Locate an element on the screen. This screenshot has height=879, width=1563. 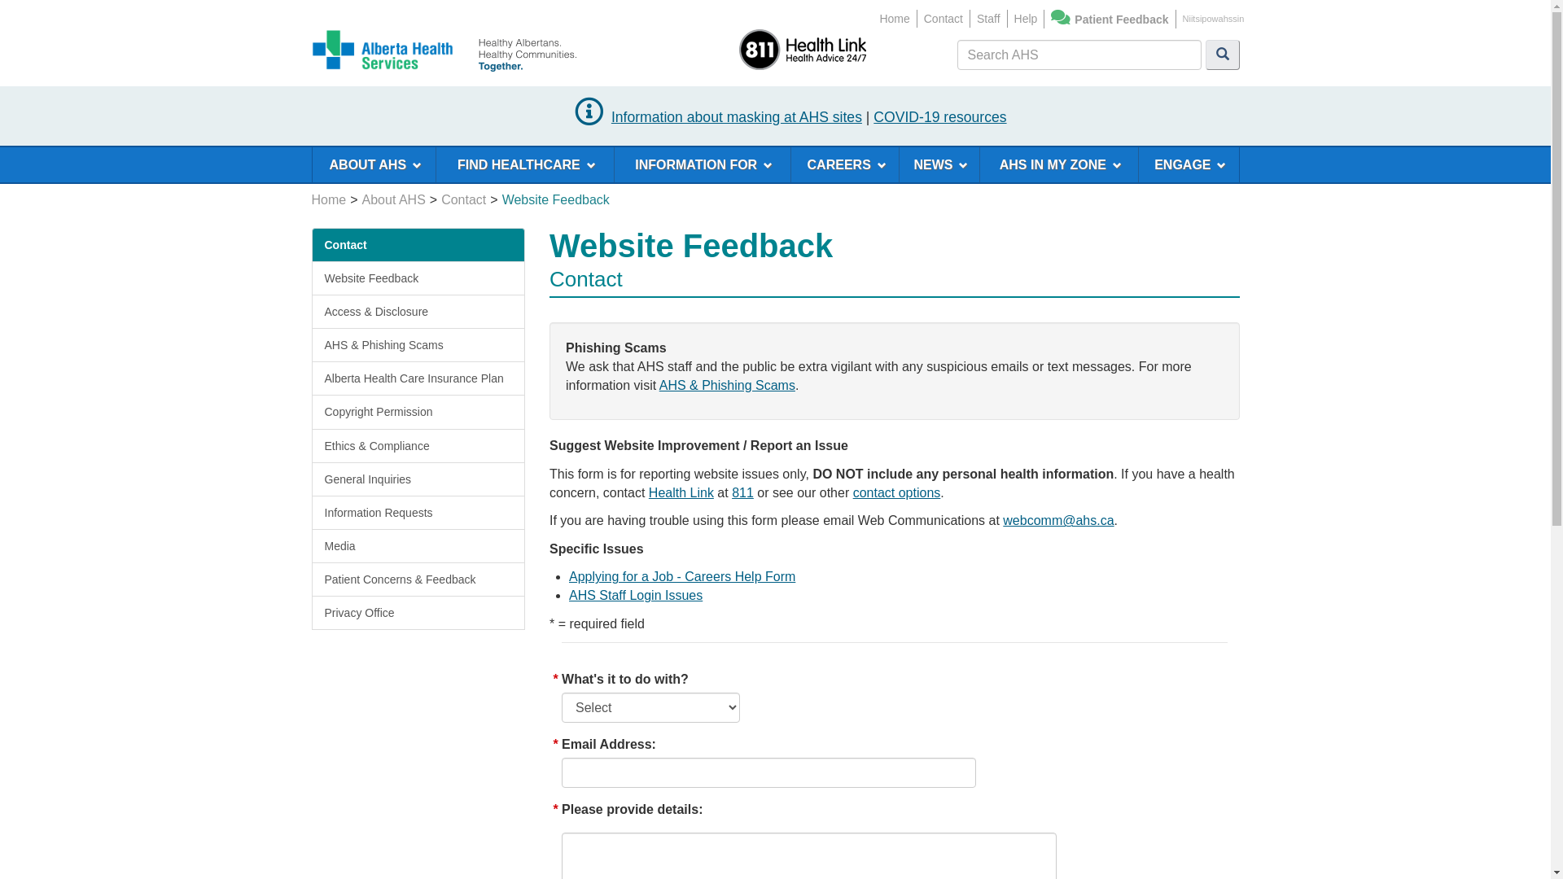
'Information about masking at AHS sites' is located at coordinates (736, 116).